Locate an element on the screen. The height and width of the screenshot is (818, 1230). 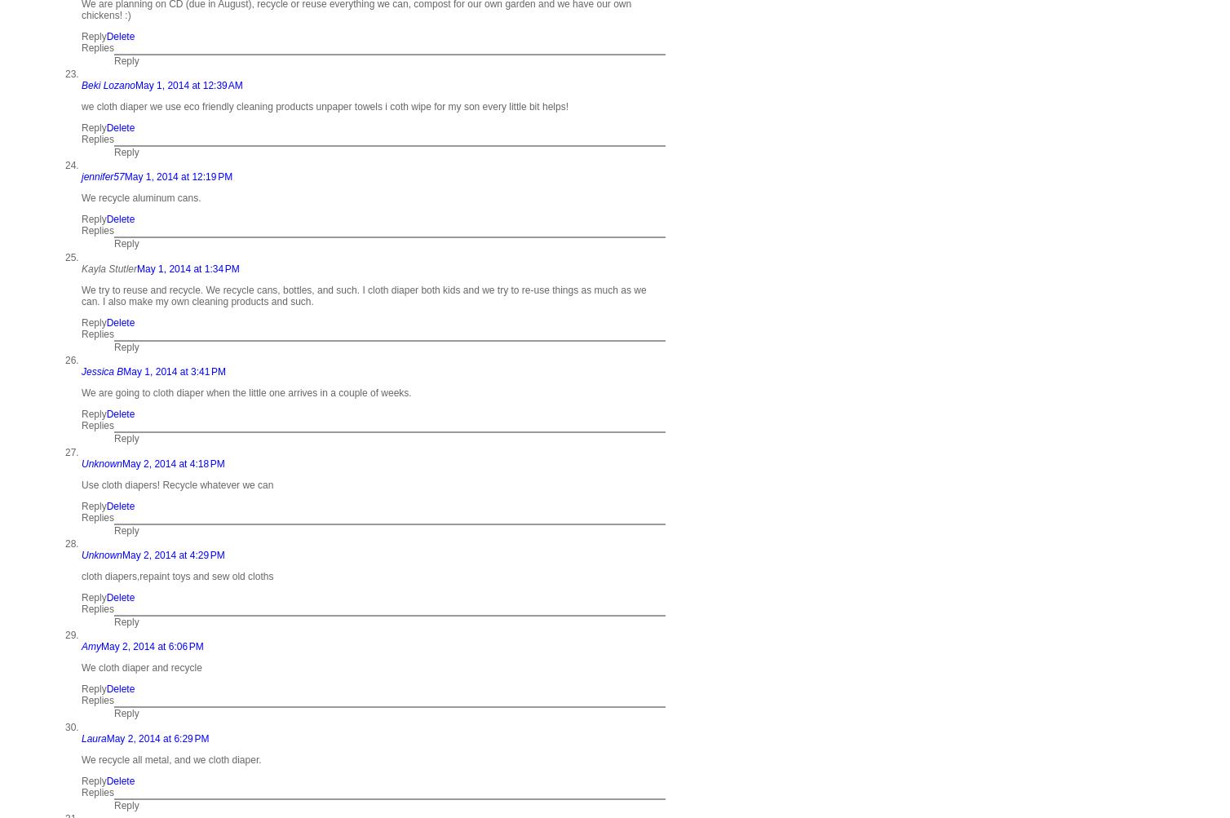
'Beki Lozano' is located at coordinates (108, 84).